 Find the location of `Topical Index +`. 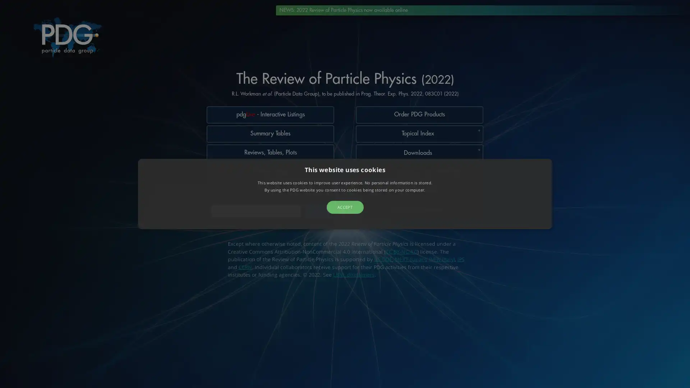

Topical Index + is located at coordinates (419, 136).